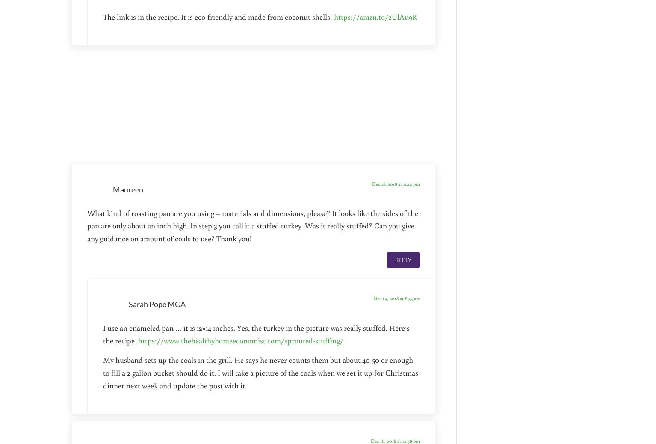  What do you see at coordinates (128, 189) in the screenshot?
I see `'Maureen'` at bounding box center [128, 189].